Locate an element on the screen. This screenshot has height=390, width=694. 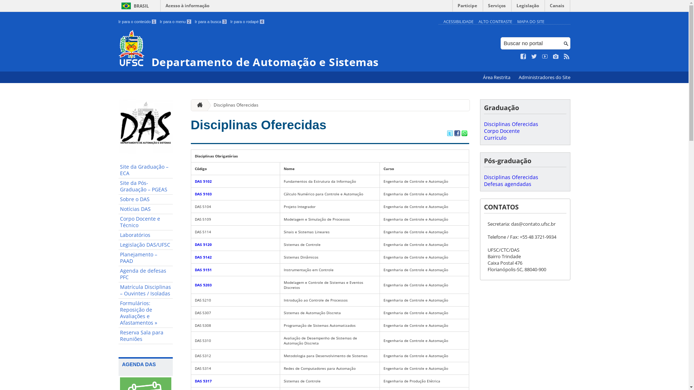
'Sobre o DAS' is located at coordinates (145, 199).